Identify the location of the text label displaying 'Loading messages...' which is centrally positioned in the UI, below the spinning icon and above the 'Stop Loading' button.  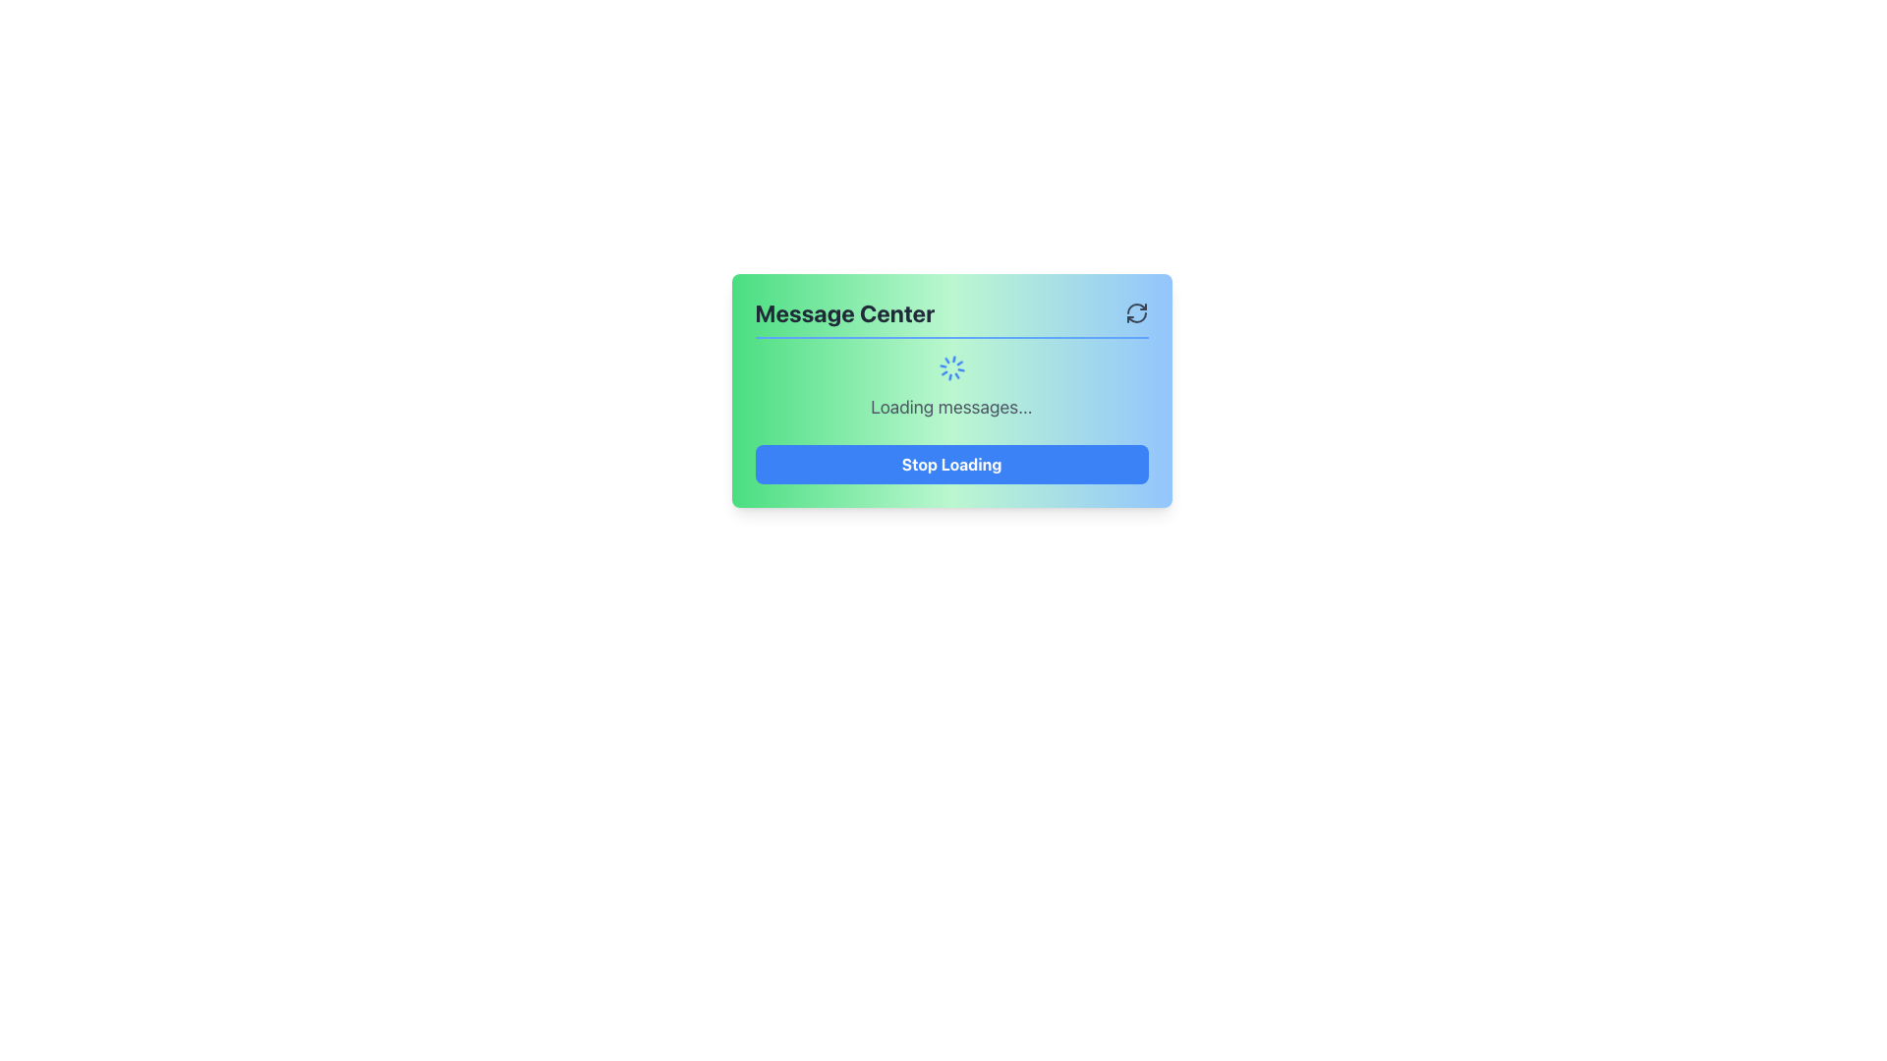
(951, 407).